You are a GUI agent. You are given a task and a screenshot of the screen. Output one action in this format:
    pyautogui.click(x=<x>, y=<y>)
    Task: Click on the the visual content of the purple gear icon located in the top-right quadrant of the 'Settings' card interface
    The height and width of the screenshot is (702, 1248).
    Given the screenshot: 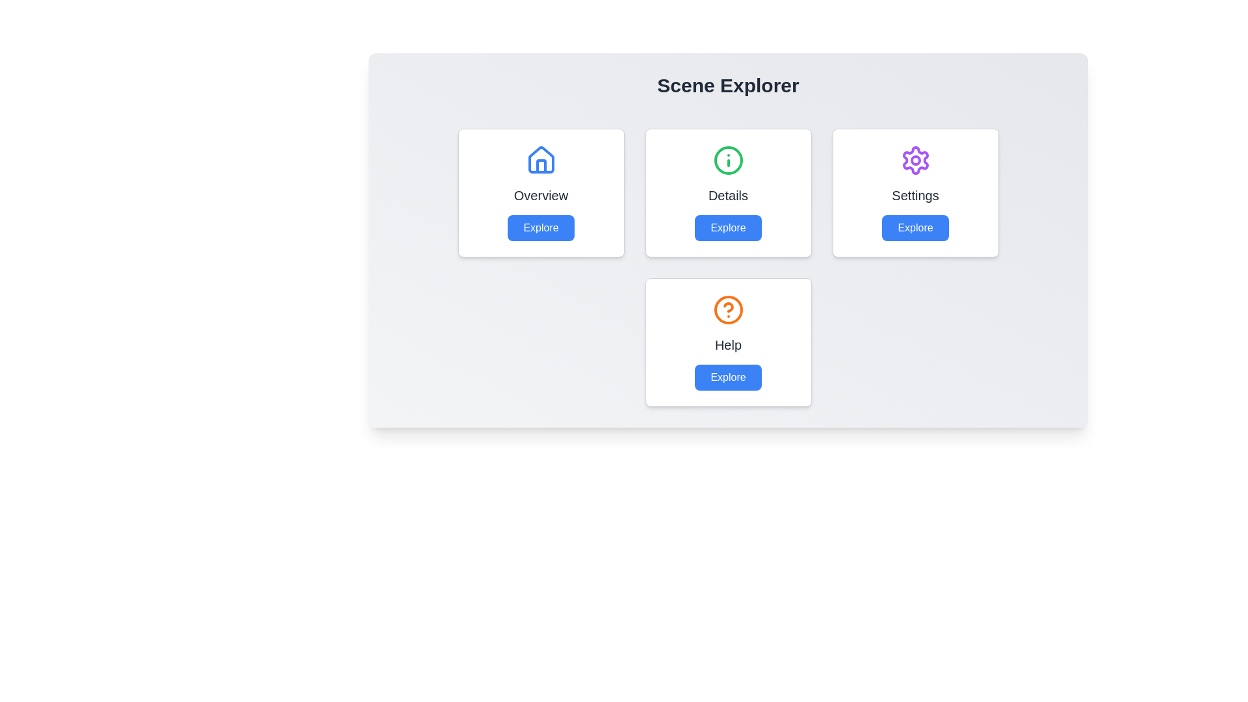 What is the action you would take?
    pyautogui.click(x=915, y=159)
    